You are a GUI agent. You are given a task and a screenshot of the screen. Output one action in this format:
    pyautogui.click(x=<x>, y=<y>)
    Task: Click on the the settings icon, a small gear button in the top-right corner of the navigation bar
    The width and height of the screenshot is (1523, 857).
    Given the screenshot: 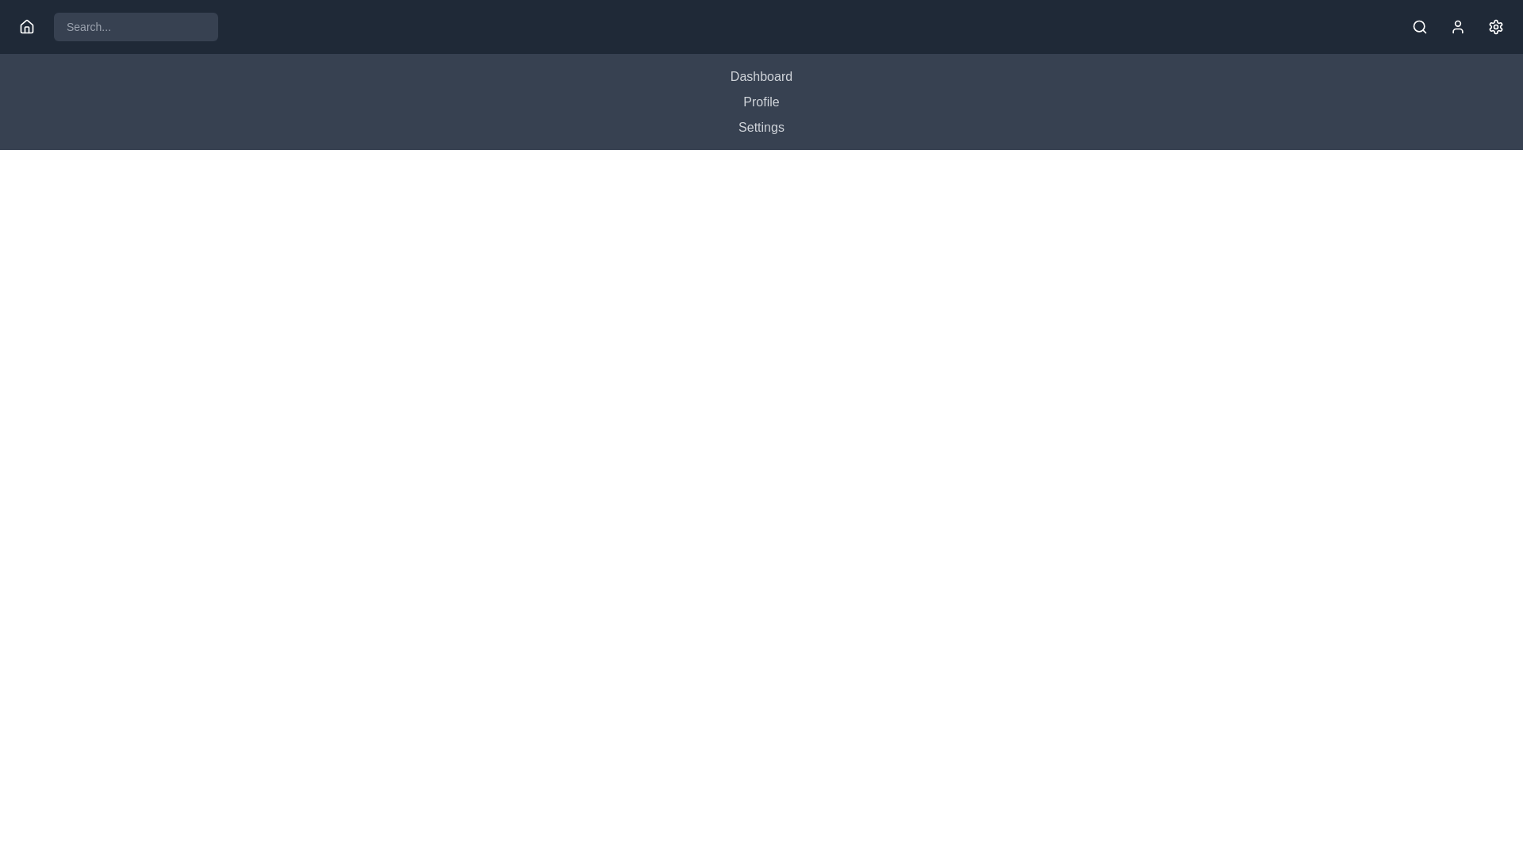 What is the action you would take?
    pyautogui.click(x=1495, y=27)
    